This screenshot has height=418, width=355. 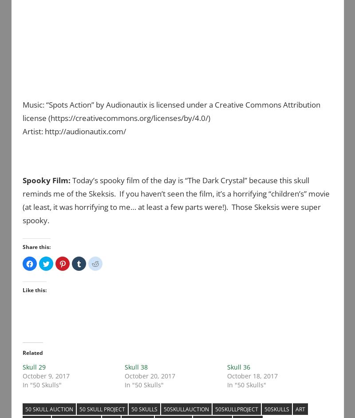 I want to click on '50 skull project', so click(x=79, y=408).